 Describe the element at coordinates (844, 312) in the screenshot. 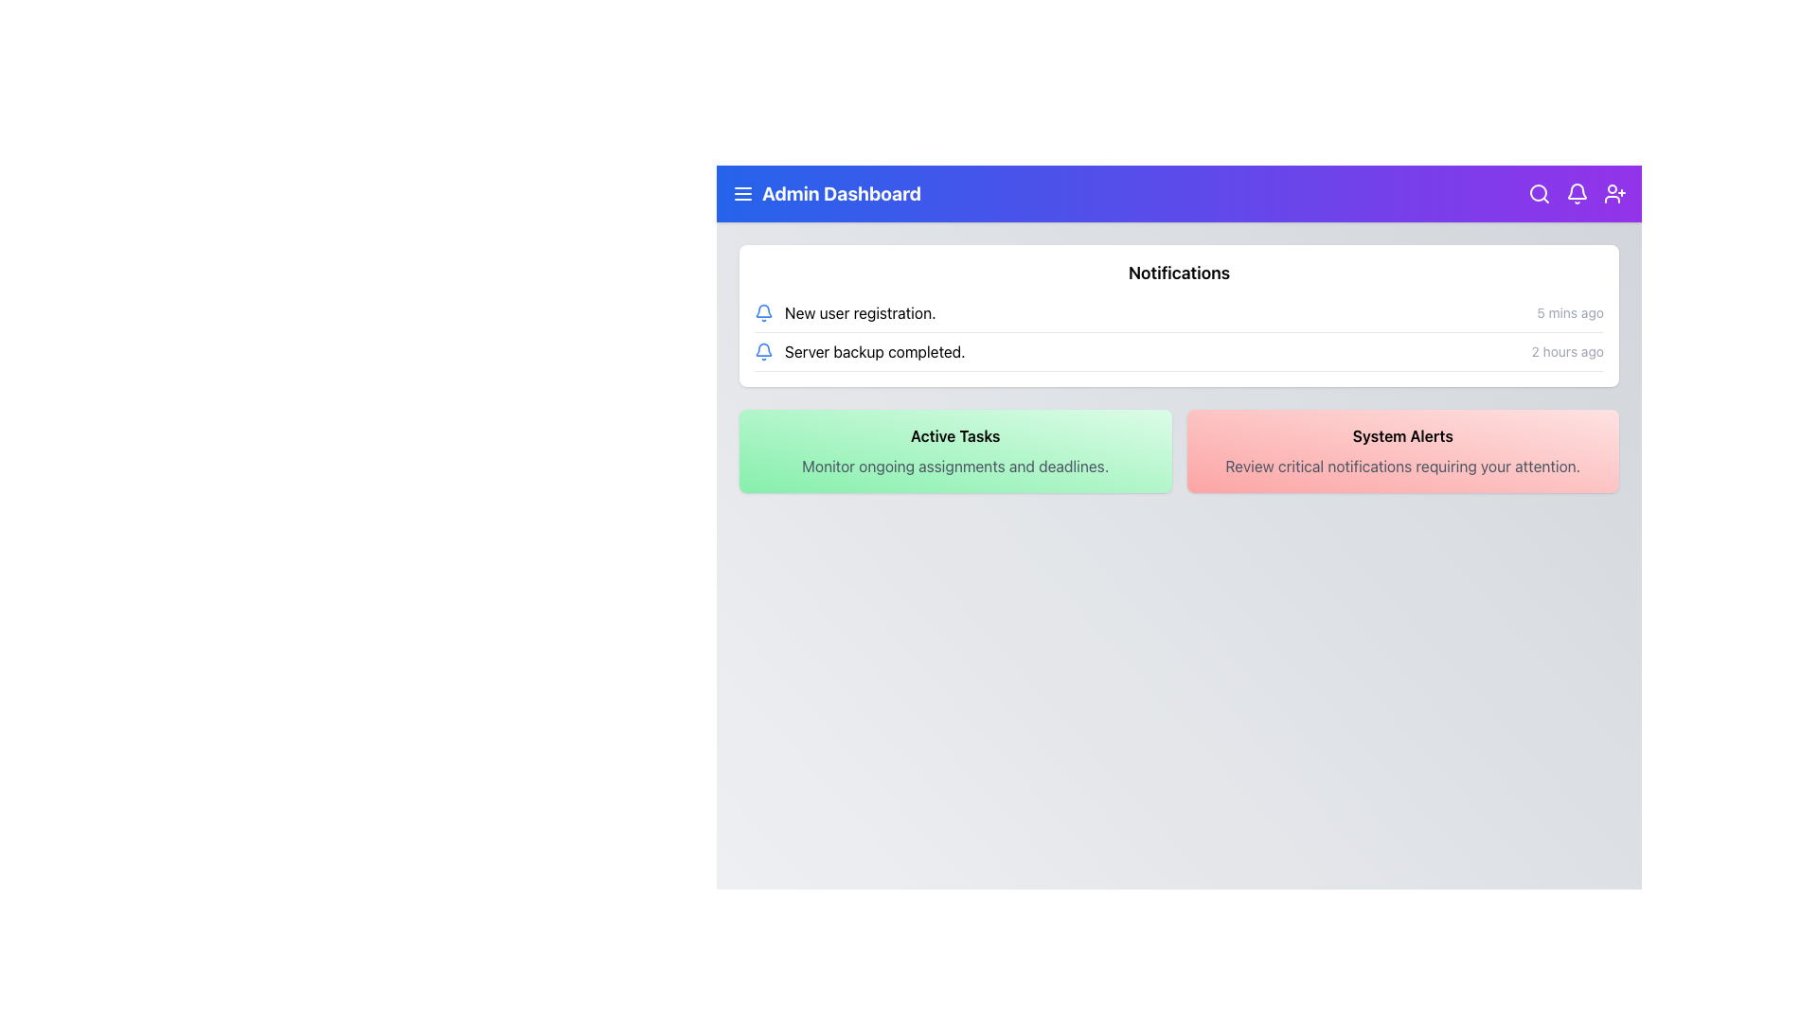

I see `the notification item with a blue bell icon and the text 'New user registration.'` at that location.